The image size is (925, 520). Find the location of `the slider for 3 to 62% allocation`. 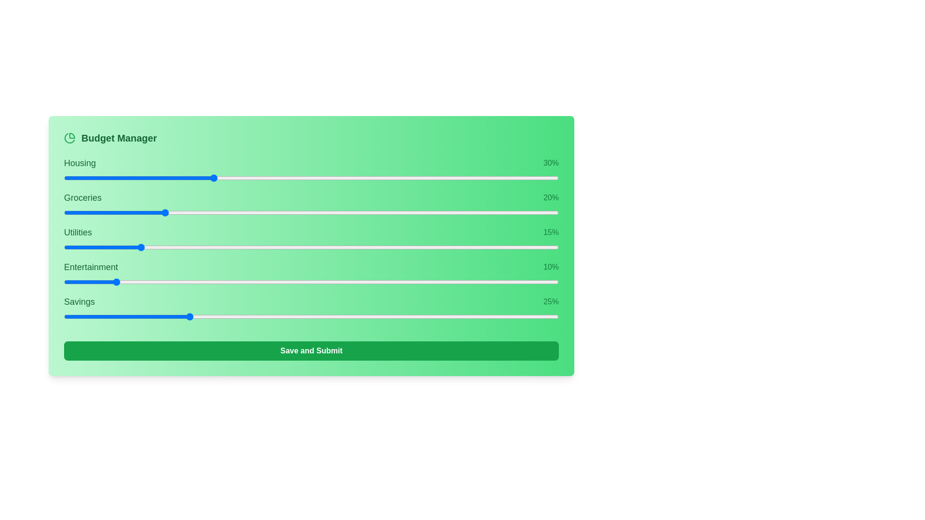

the slider for 3 to 62% allocation is located at coordinates (464, 282).